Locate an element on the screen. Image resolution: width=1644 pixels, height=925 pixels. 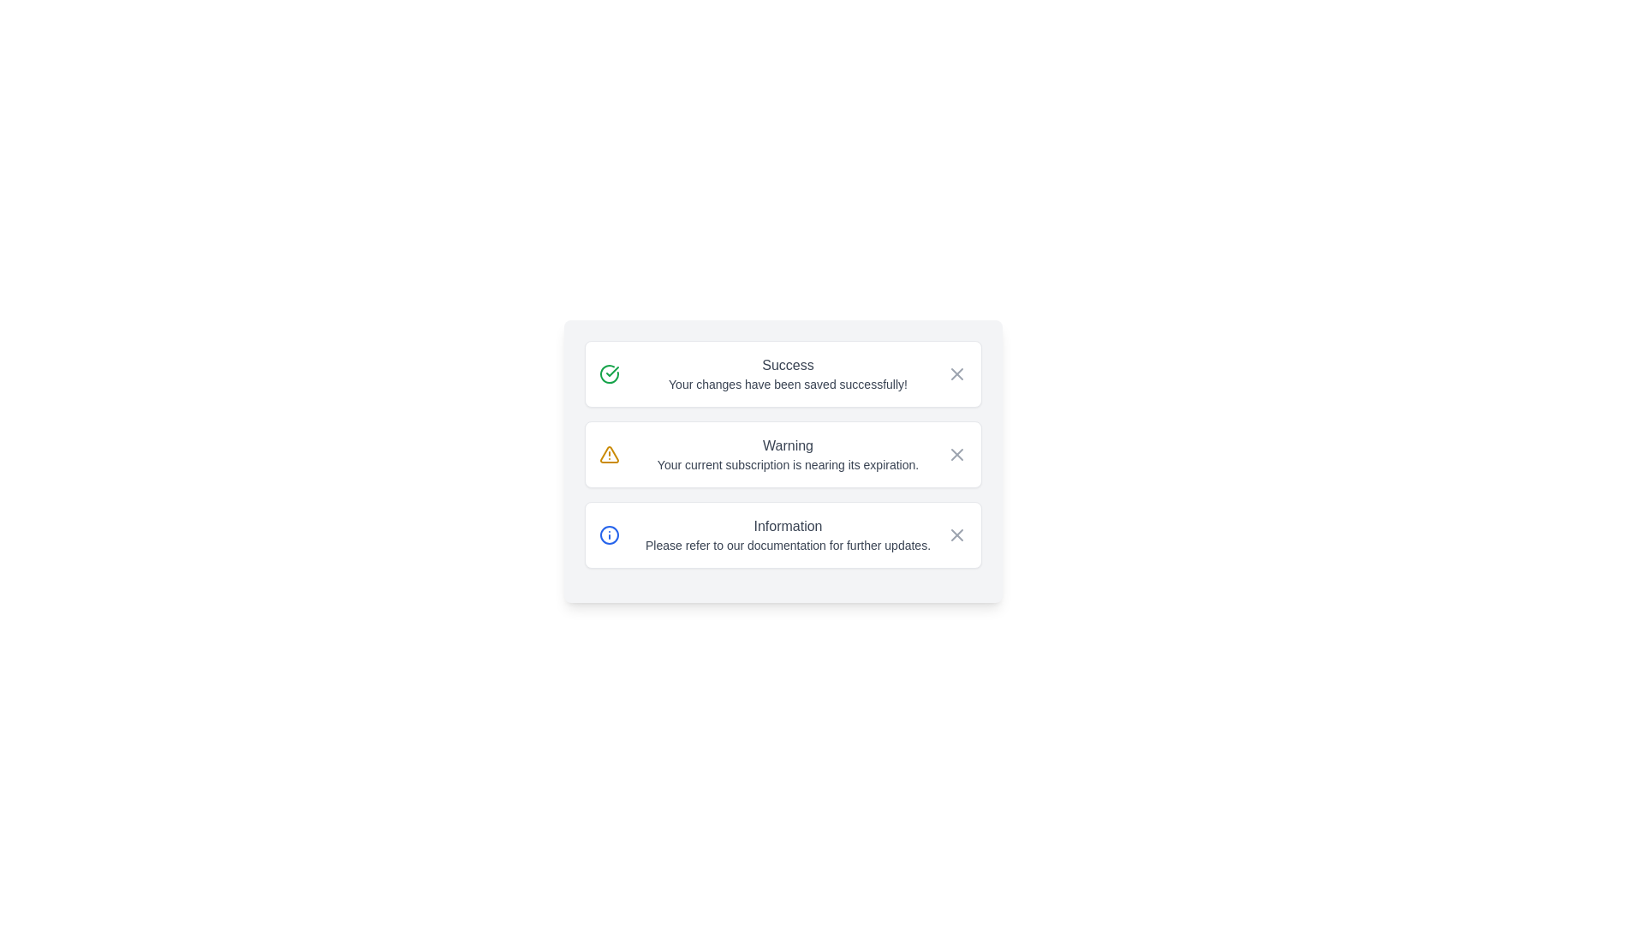
the main title text label of the 'Warning' message is located at coordinates (787, 445).